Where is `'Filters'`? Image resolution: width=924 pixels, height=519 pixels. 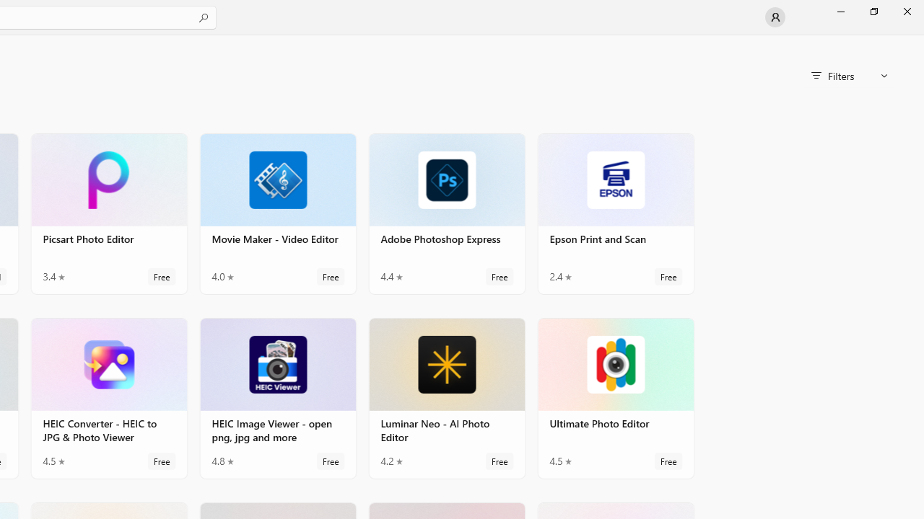 'Filters' is located at coordinates (849, 76).